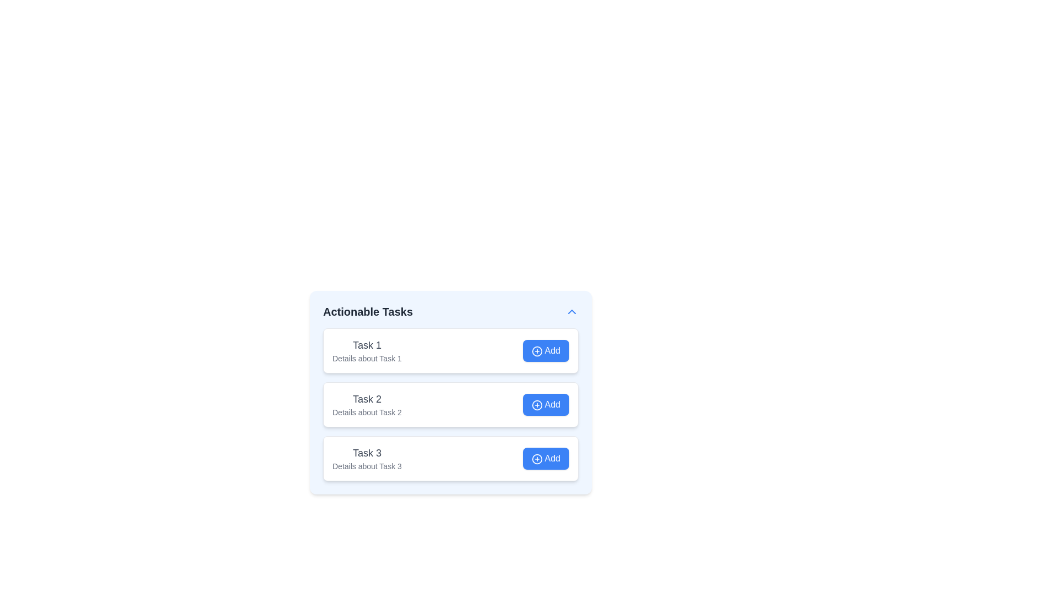 The image size is (1057, 594). What do you see at coordinates (367, 453) in the screenshot?
I see `text content of the 'Task 3' label, which is the title of the last card in the actionable tasks section` at bounding box center [367, 453].